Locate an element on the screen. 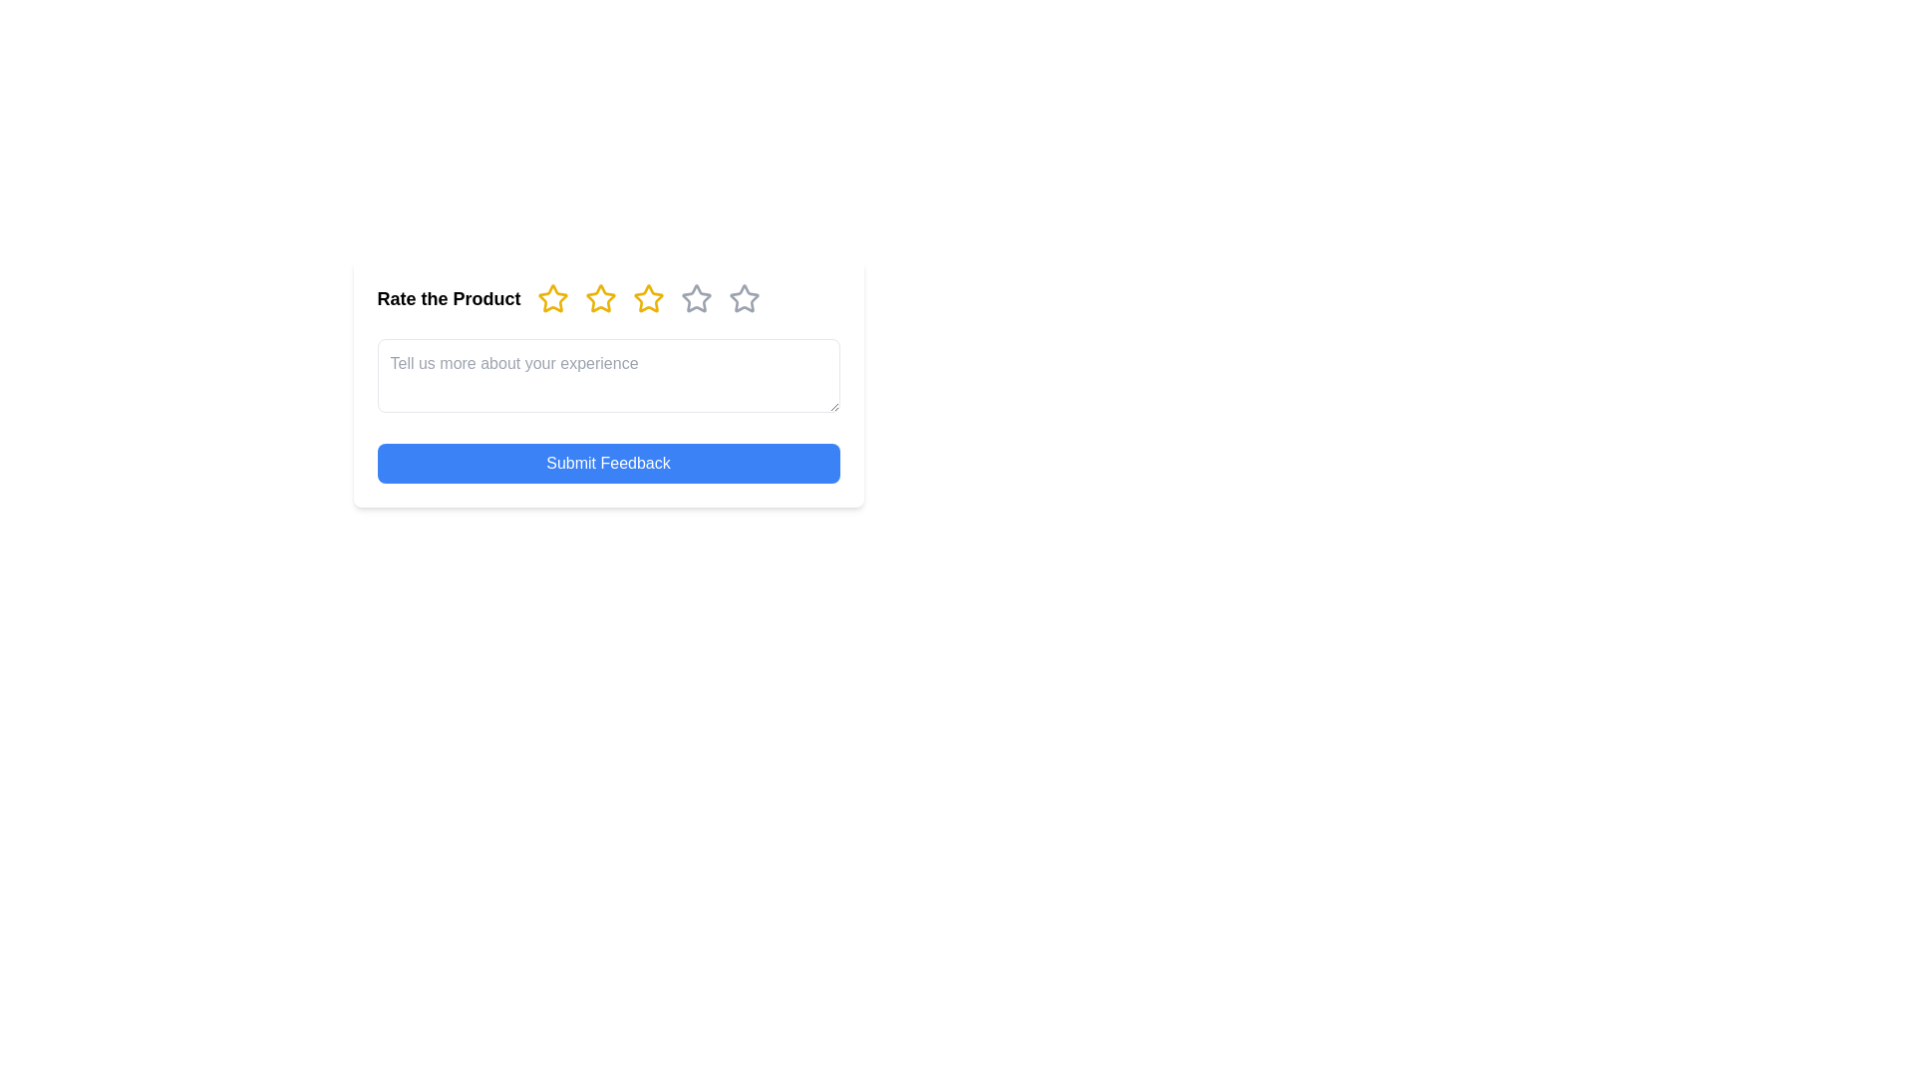 Image resolution: width=1914 pixels, height=1077 pixels. the second star icon is located at coordinates (599, 298).